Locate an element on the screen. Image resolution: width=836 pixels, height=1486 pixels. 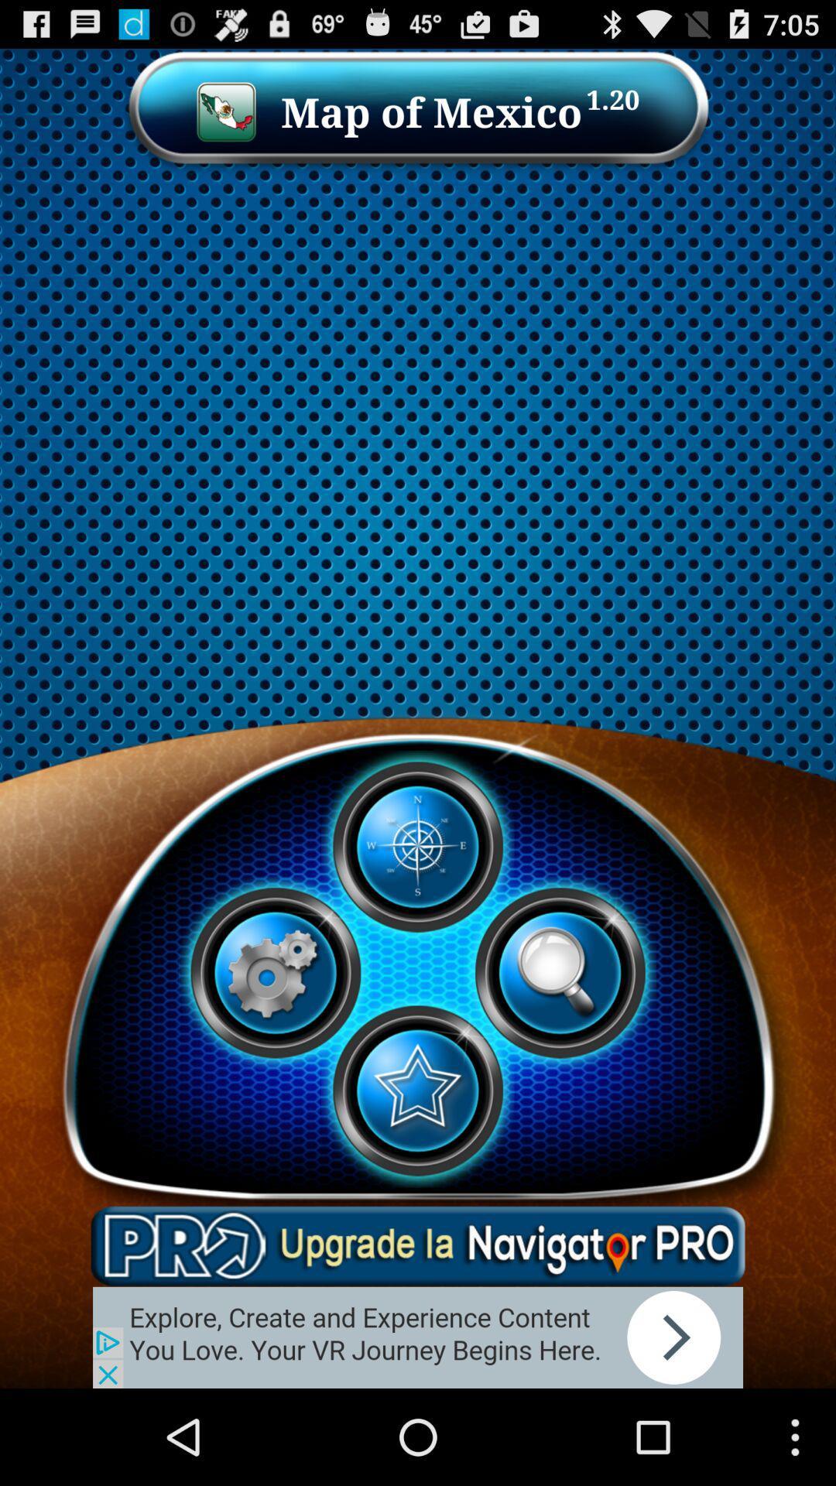
settings is located at coordinates (274, 972).